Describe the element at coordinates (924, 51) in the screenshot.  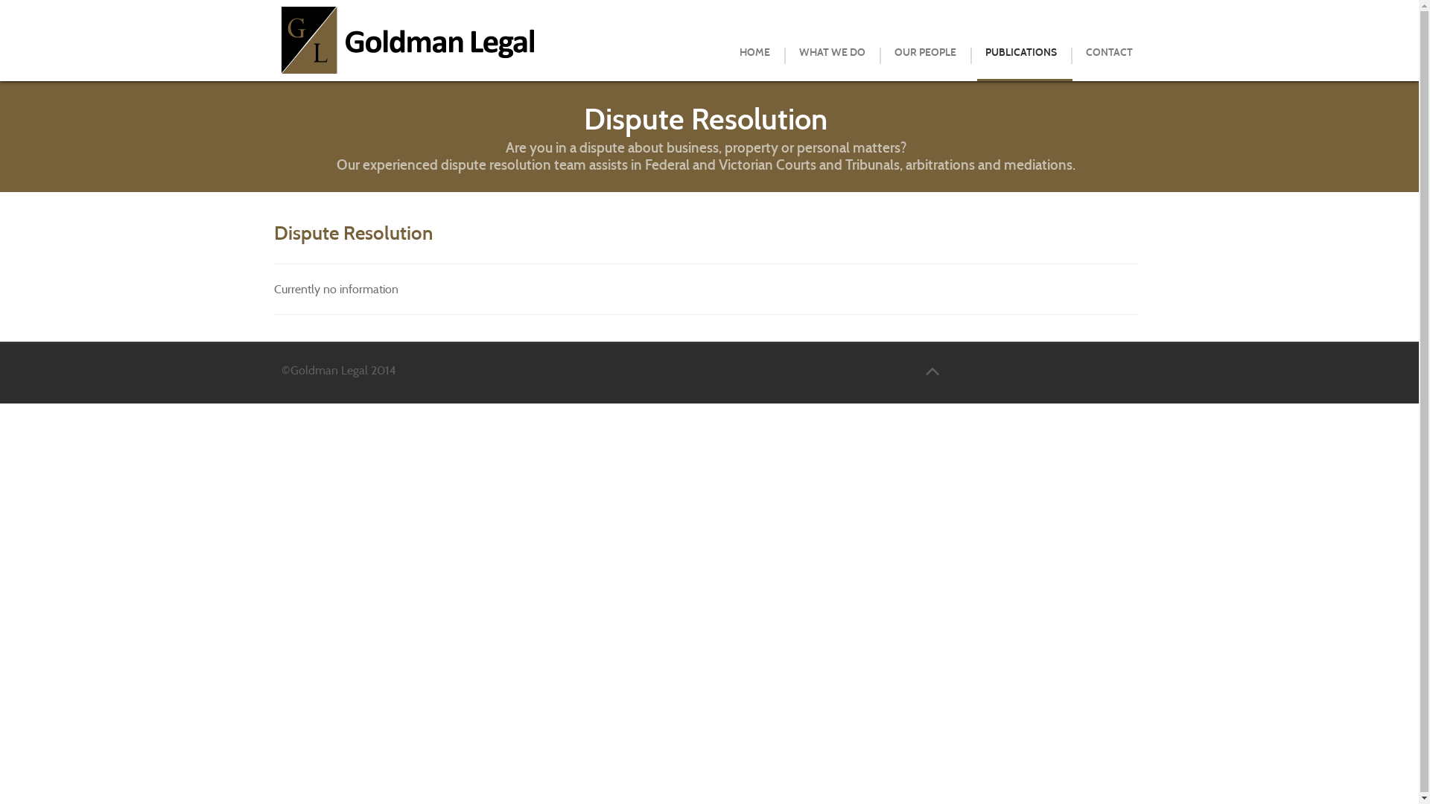
I see `'OUR PEOPLE'` at that location.